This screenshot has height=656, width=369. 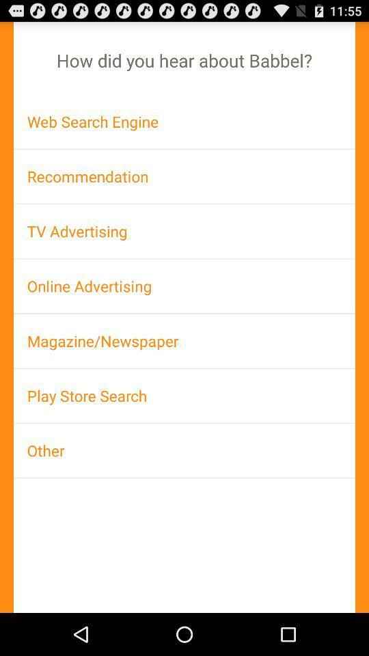 What do you see at coordinates (184, 231) in the screenshot?
I see `app below recommendation item` at bounding box center [184, 231].